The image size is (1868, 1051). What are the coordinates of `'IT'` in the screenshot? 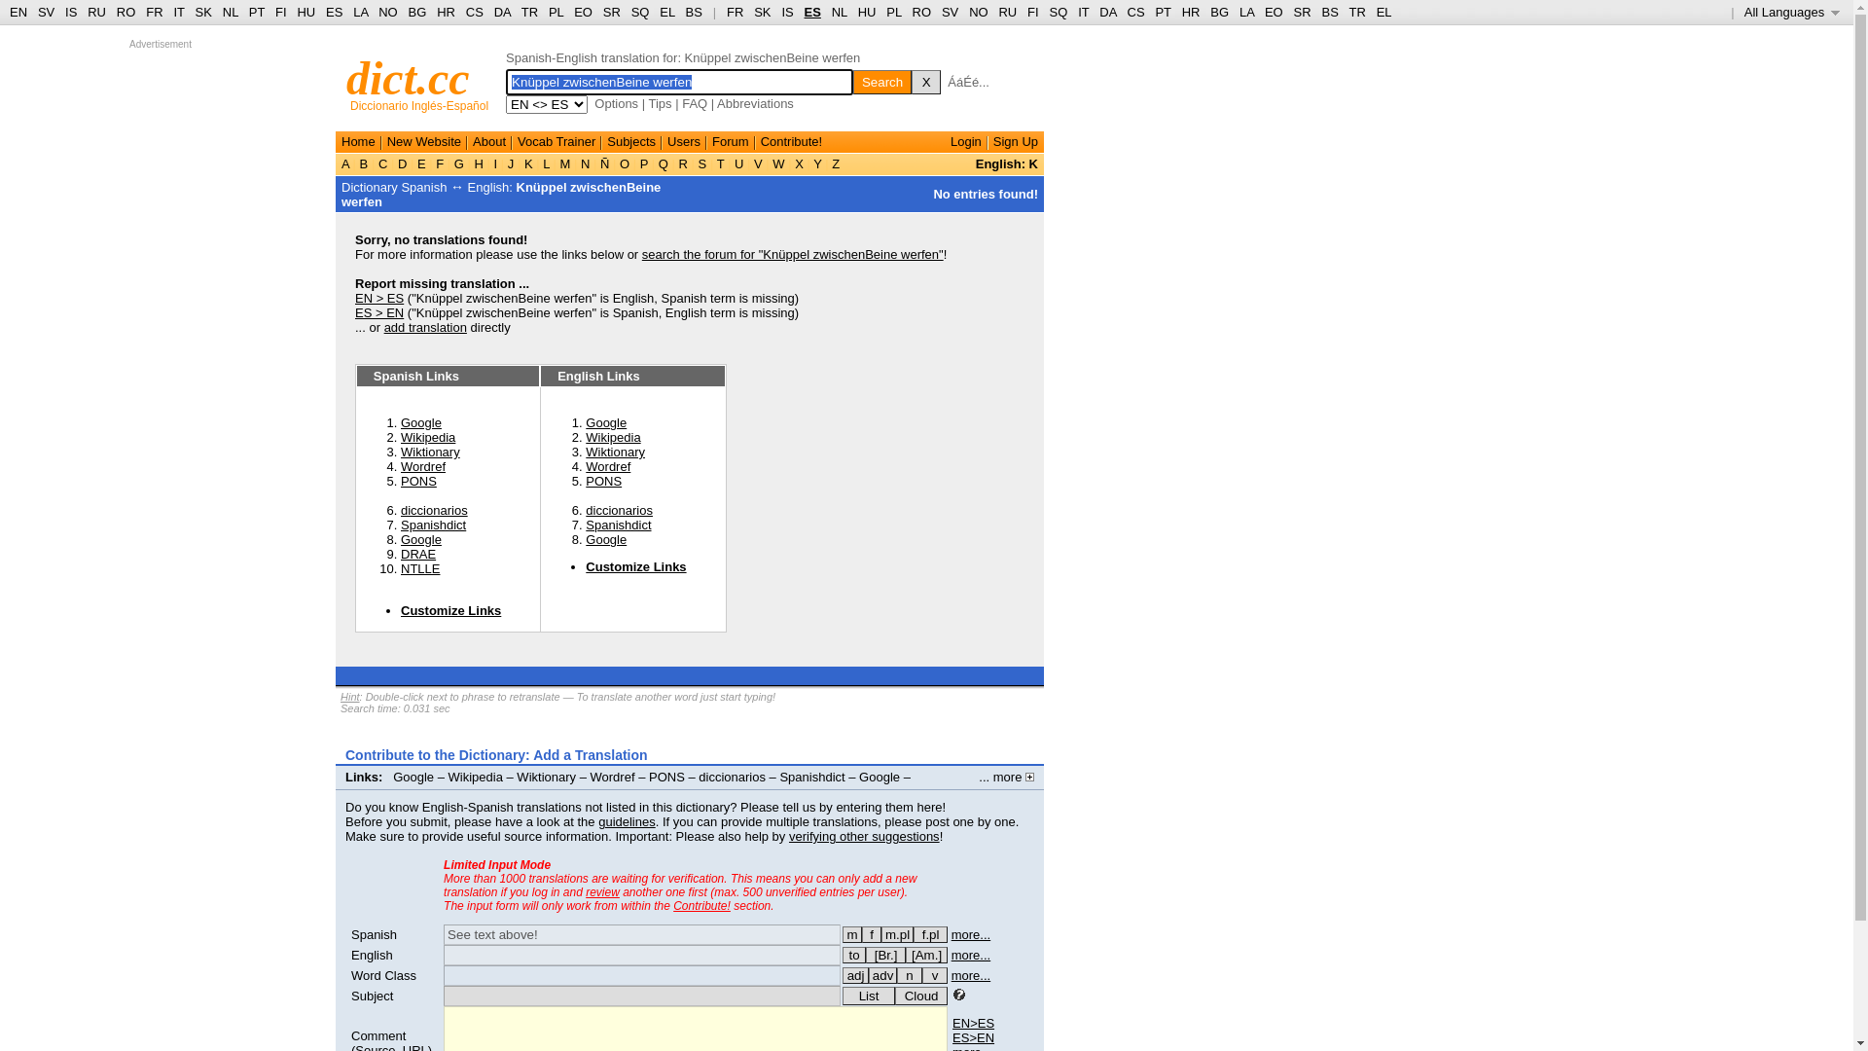 It's located at (1082, 12).